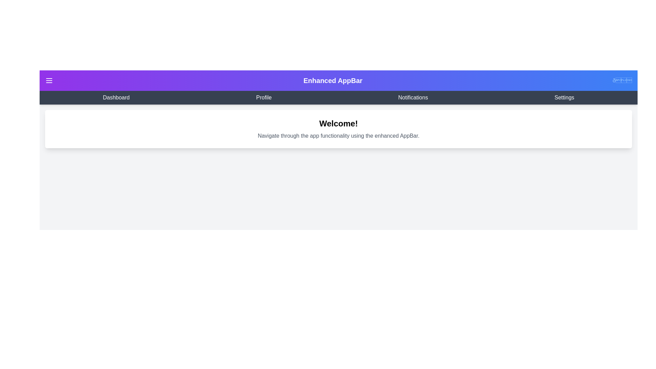 This screenshot has height=369, width=656. Describe the element at coordinates (49, 80) in the screenshot. I see `the 'Toggle Menu' button to toggle the navigation menu` at that location.